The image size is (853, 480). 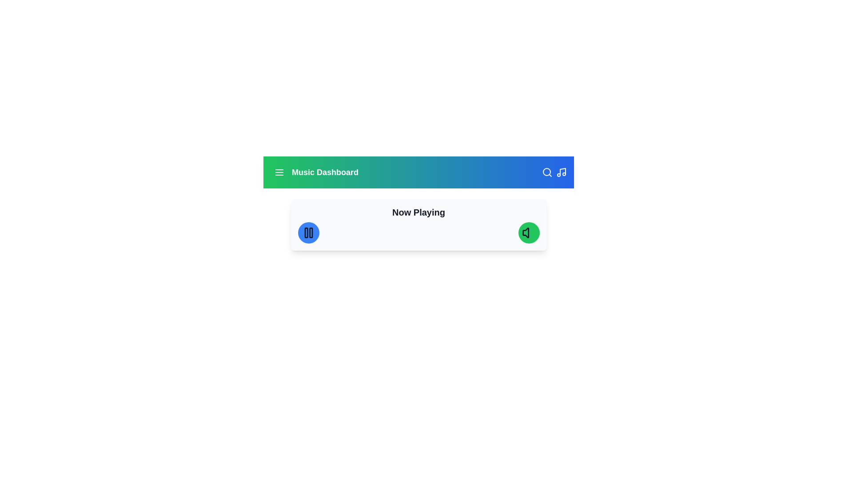 What do you see at coordinates (547, 172) in the screenshot?
I see `the search button located at the top-right corner of the component` at bounding box center [547, 172].